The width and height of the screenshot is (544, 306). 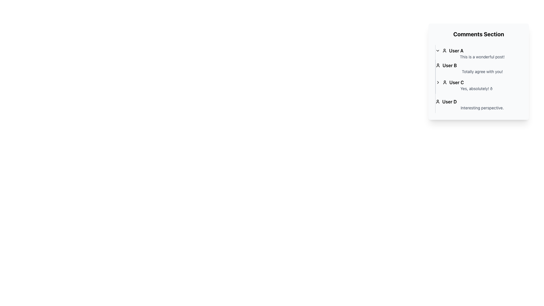 What do you see at coordinates (478, 50) in the screenshot?
I see `the User Identifier Section for 'User A' in the comments section to highlight it` at bounding box center [478, 50].